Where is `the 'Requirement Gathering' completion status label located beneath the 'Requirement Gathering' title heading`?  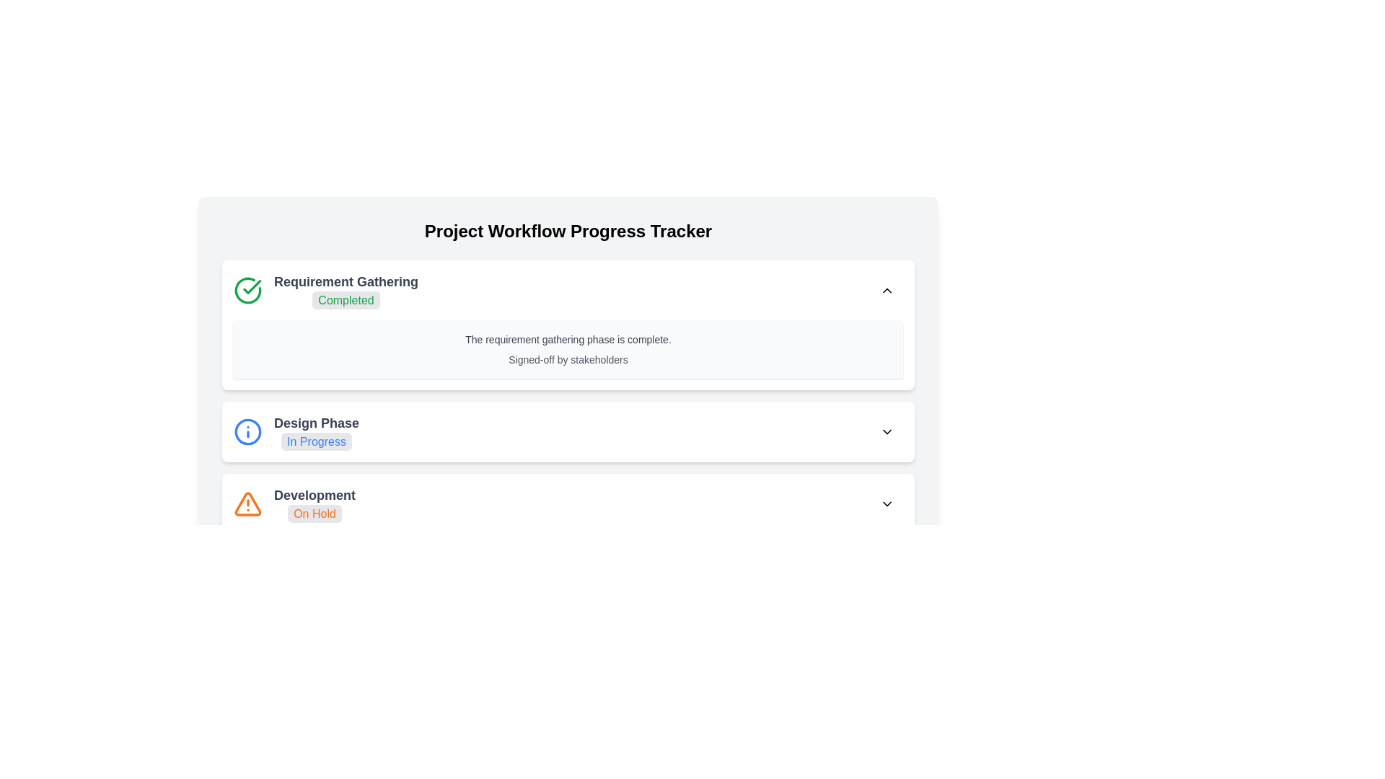
the 'Requirement Gathering' completion status label located beneath the 'Requirement Gathering' title heading is located at coordinates (346, 299).